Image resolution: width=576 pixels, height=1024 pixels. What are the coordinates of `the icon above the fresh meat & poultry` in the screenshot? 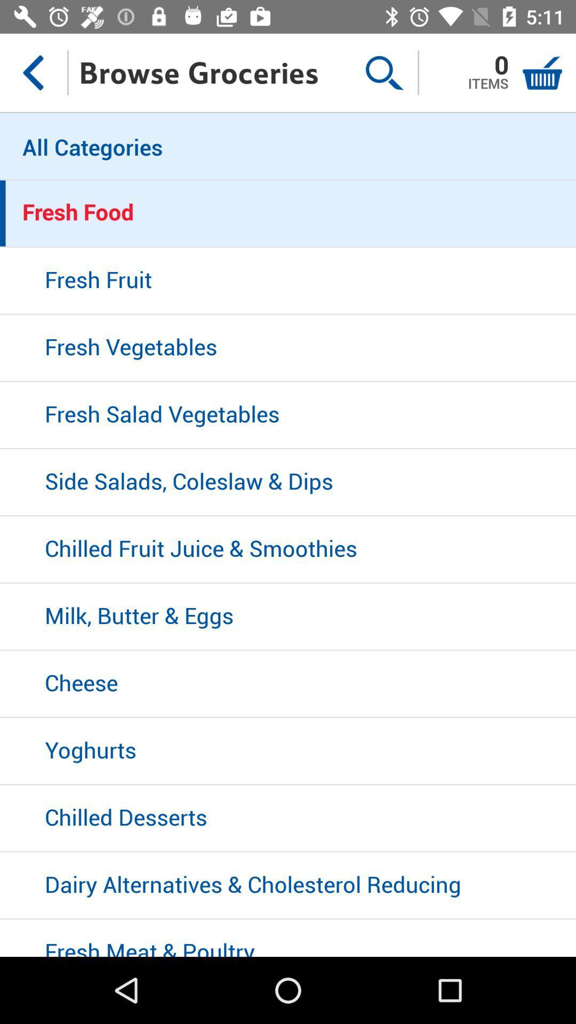 It's located at (288, 886).